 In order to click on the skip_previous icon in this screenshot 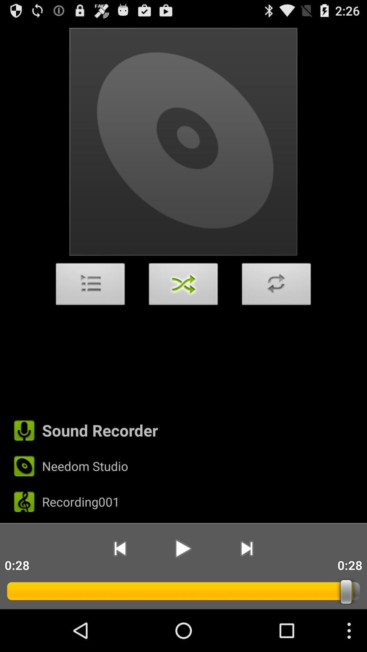, I will do `click(119, 586)`.